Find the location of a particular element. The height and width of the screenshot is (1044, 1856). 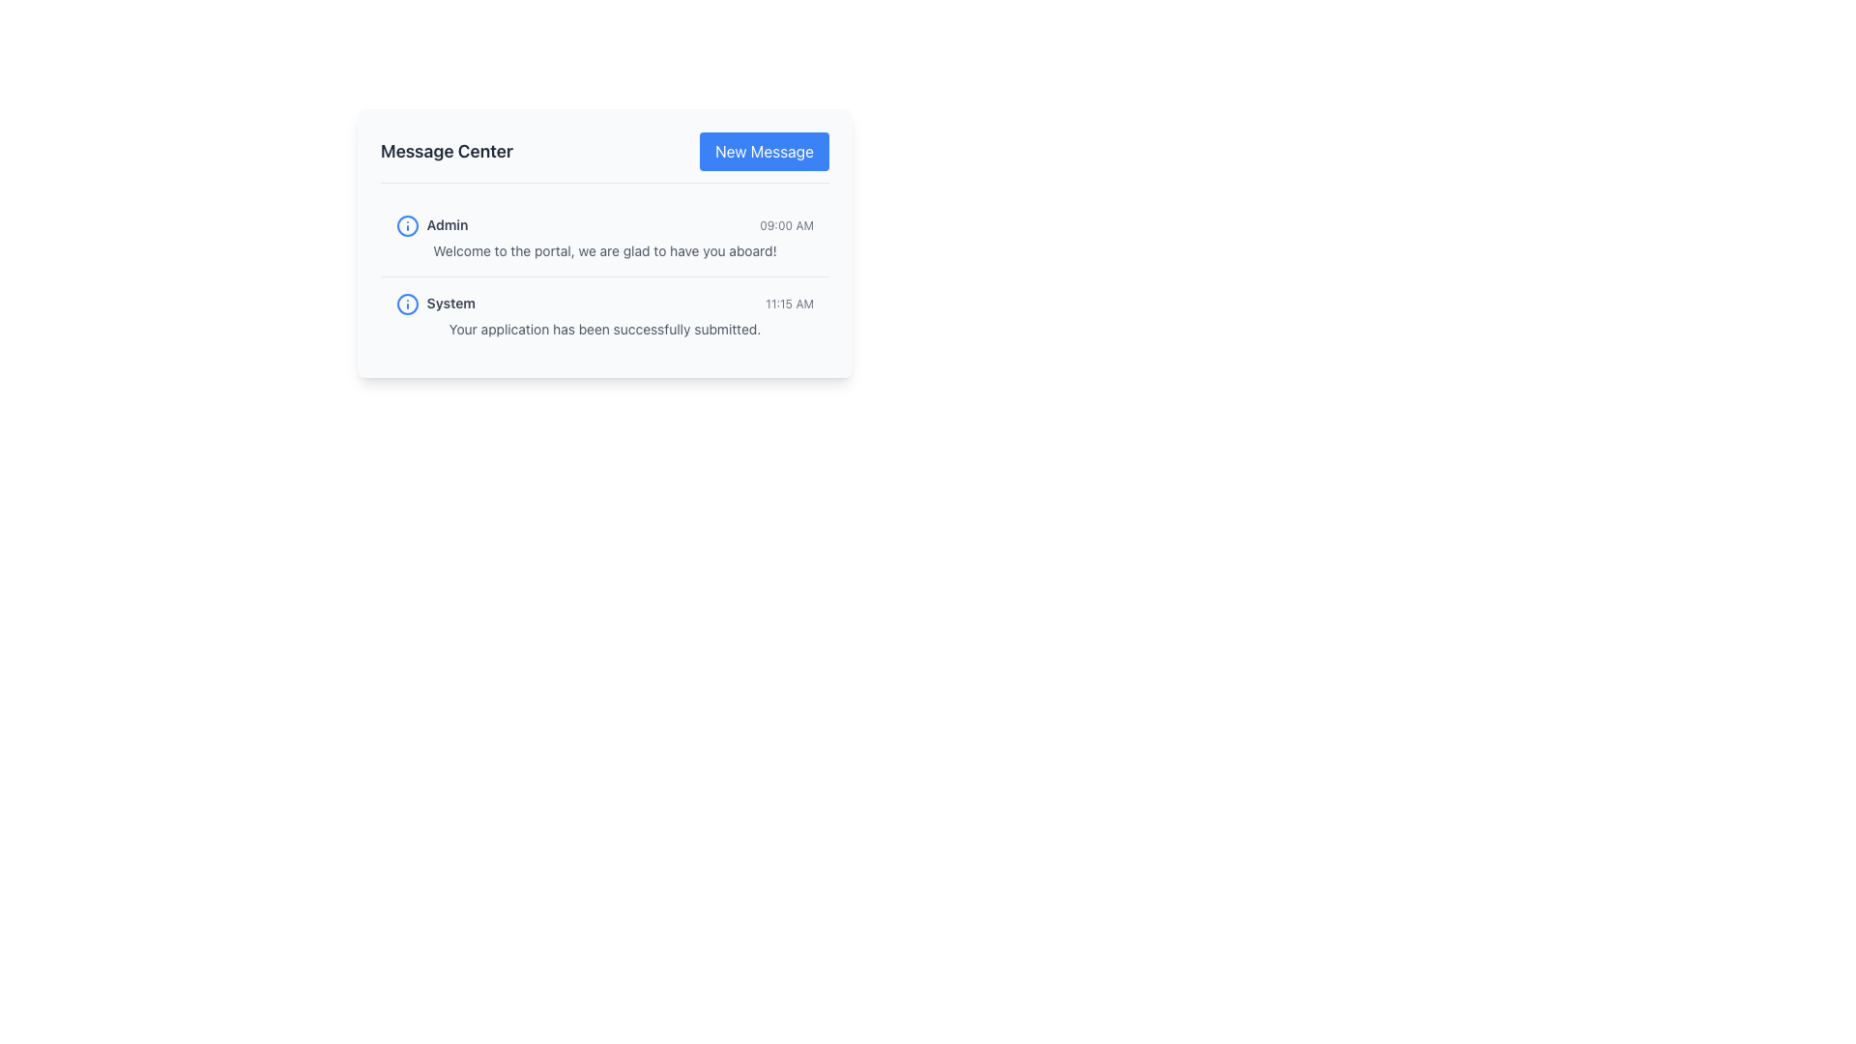

the 'Admin' icon in the Message Center interface, which visually denotes messages authored by 'Admin' and is positioned to the left of the 'Admin' text label is located at coordinates (407, 225).